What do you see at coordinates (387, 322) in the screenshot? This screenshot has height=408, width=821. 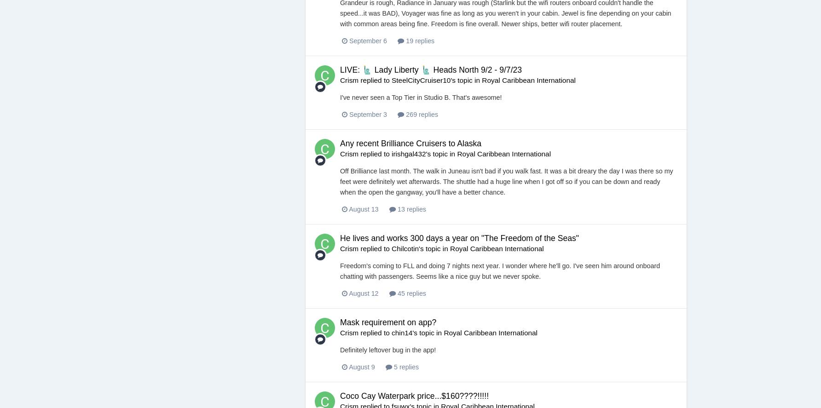 I see `'Mask requirement on app?'` at bounding box center [387, 322].